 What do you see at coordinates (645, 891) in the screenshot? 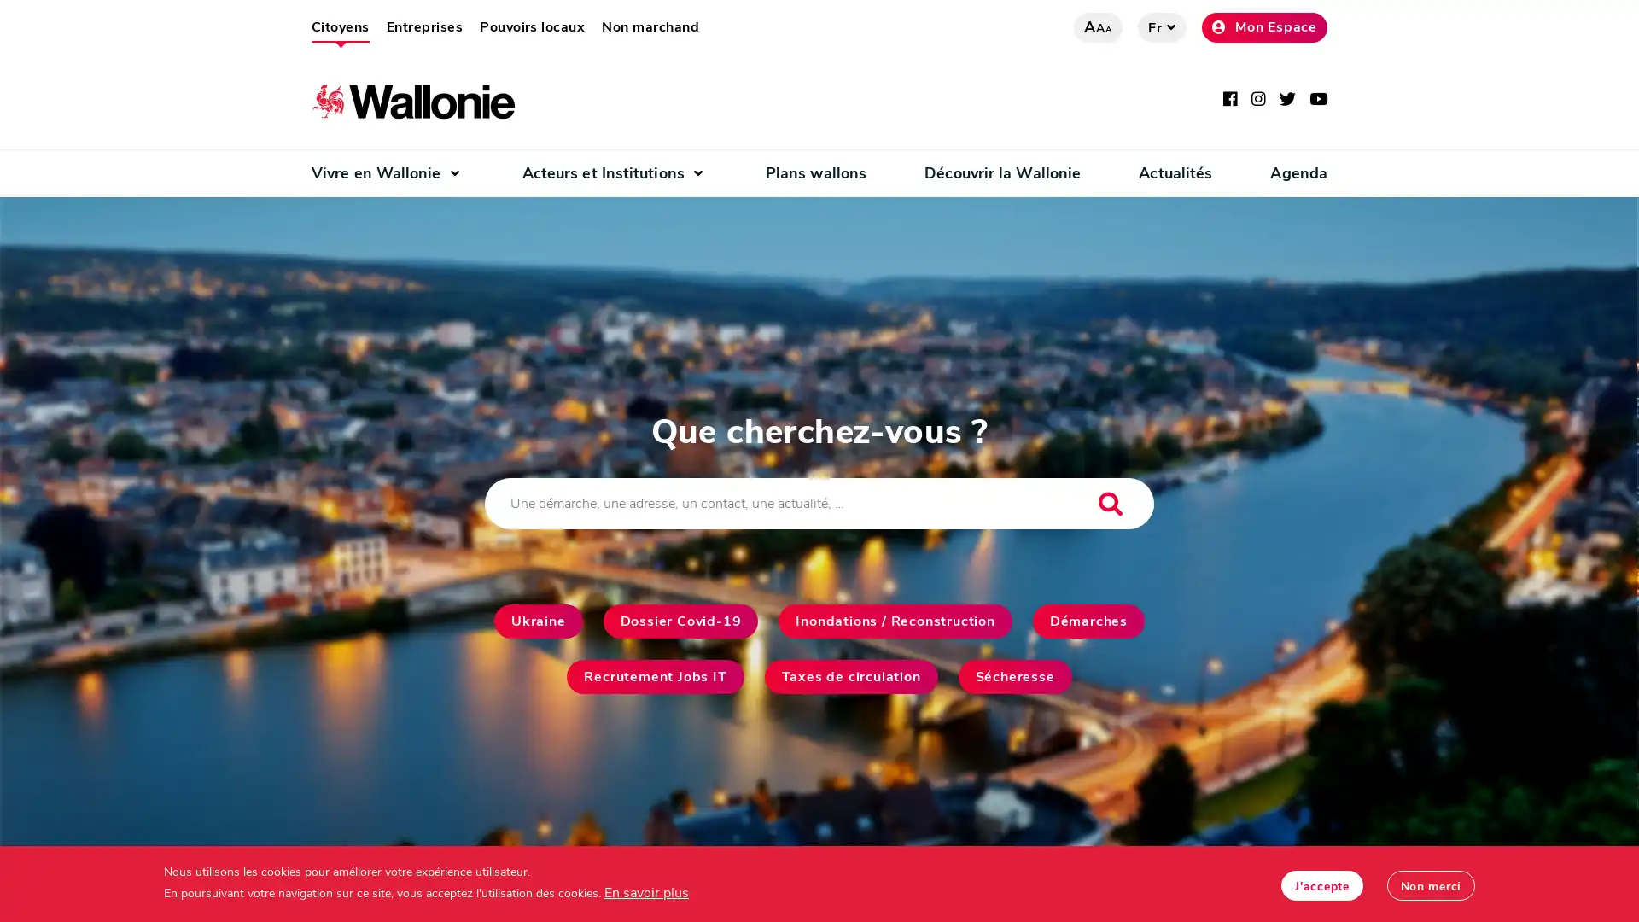
I see `En savoir plus` at bounding box center [645, 891].